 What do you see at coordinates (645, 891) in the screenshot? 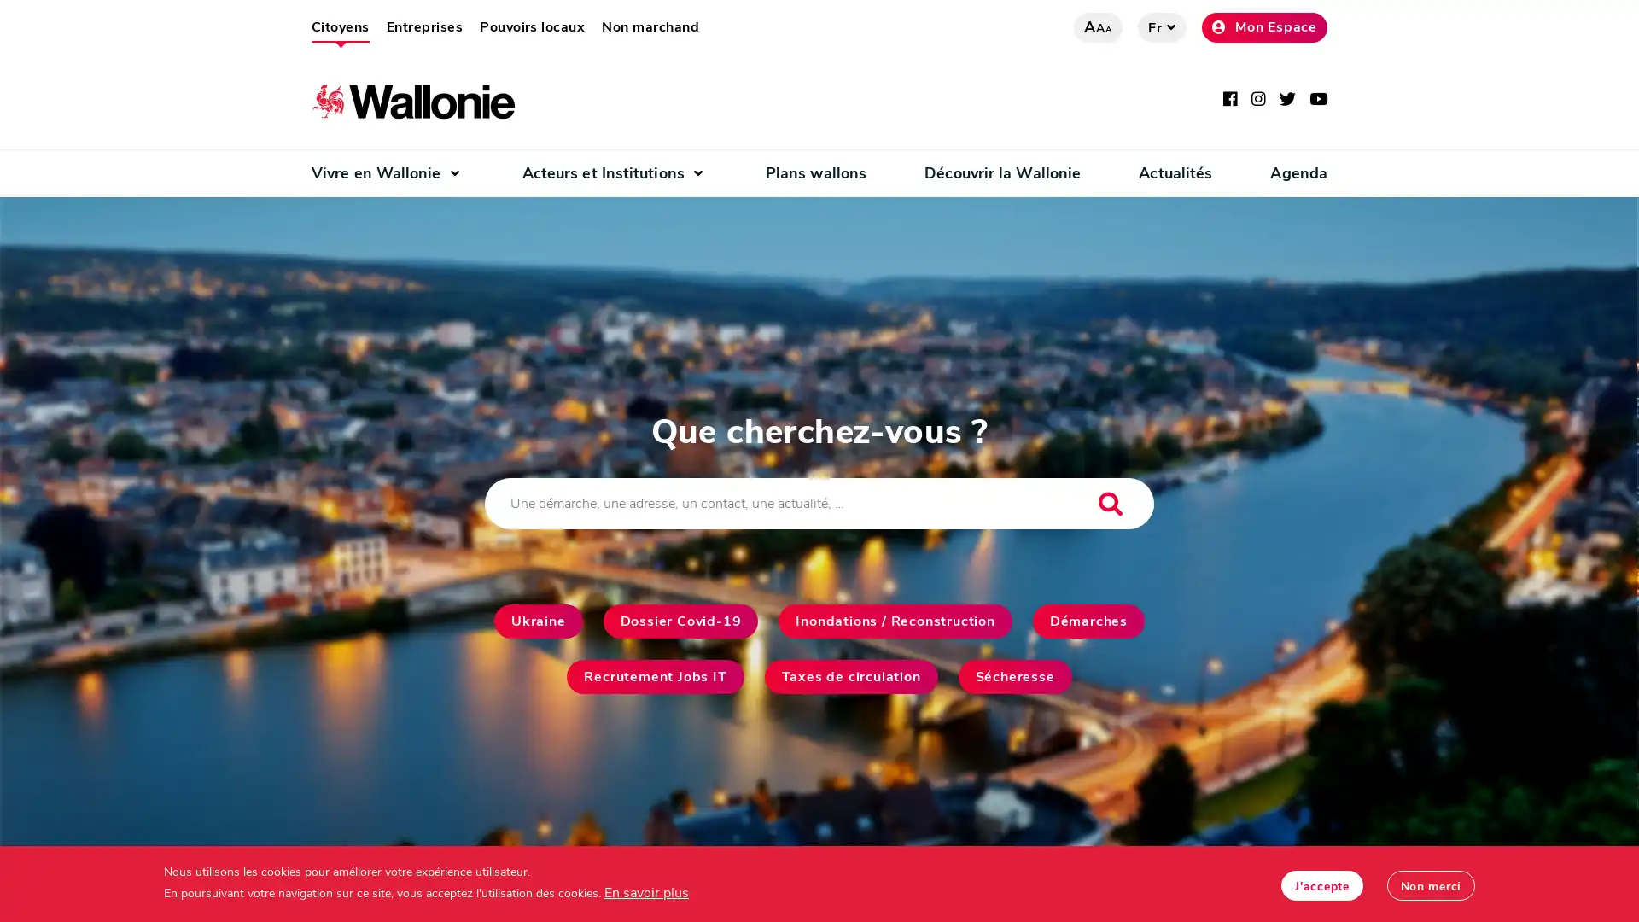
I see `En savoir plus` at bounding box center [645, 891].